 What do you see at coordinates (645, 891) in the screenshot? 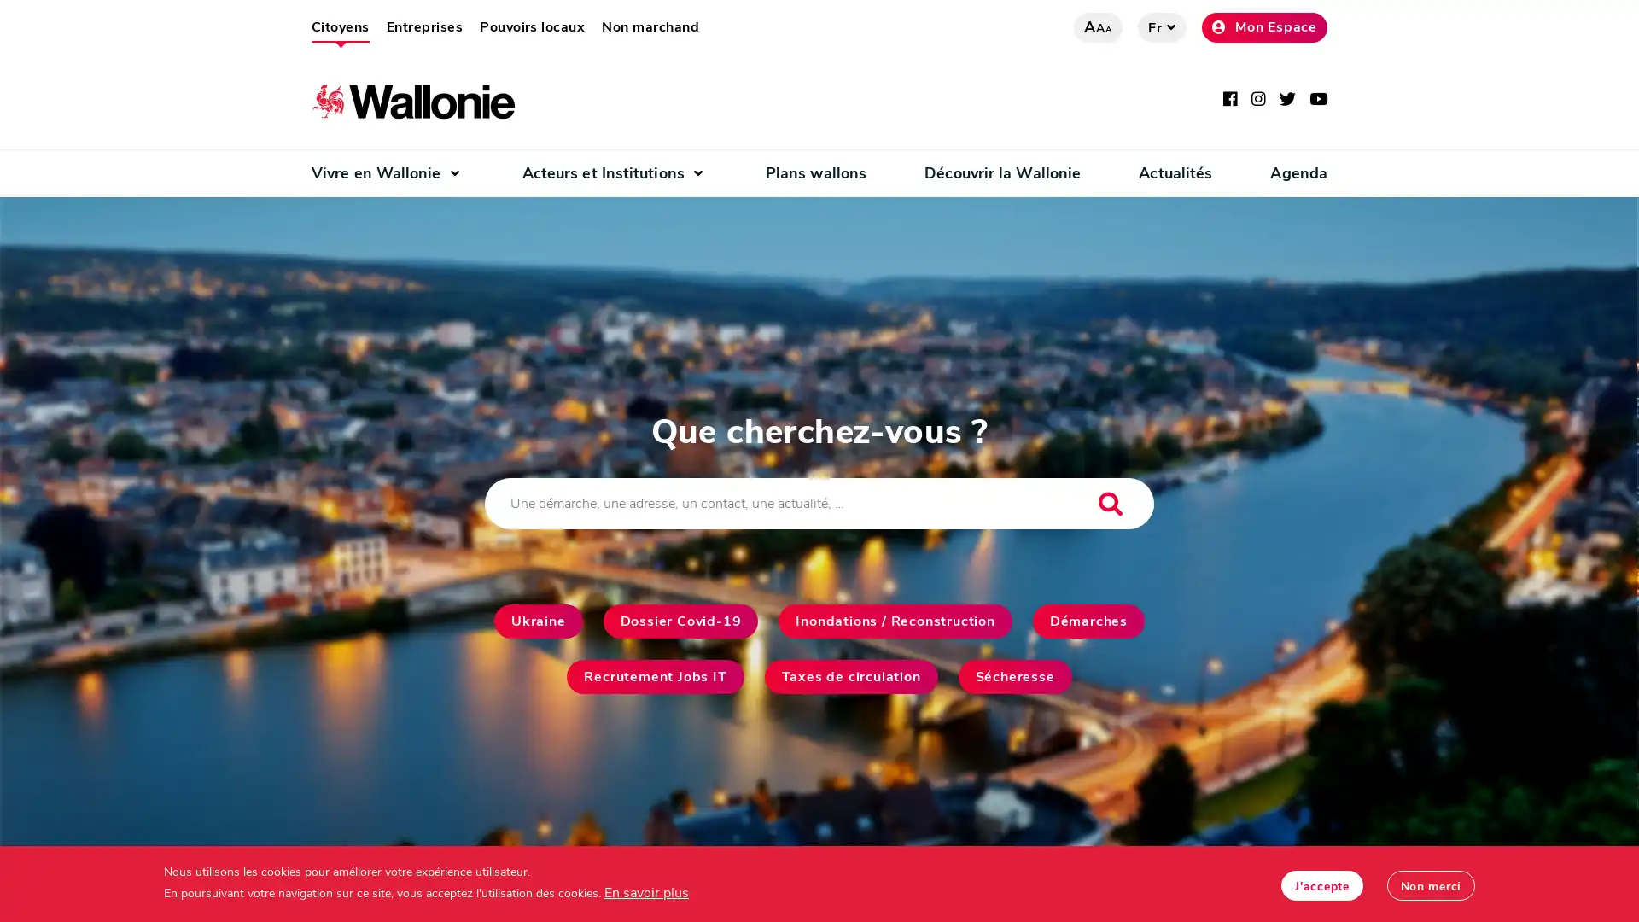
I see `En savoir plus` at bounding box center [645, 891].